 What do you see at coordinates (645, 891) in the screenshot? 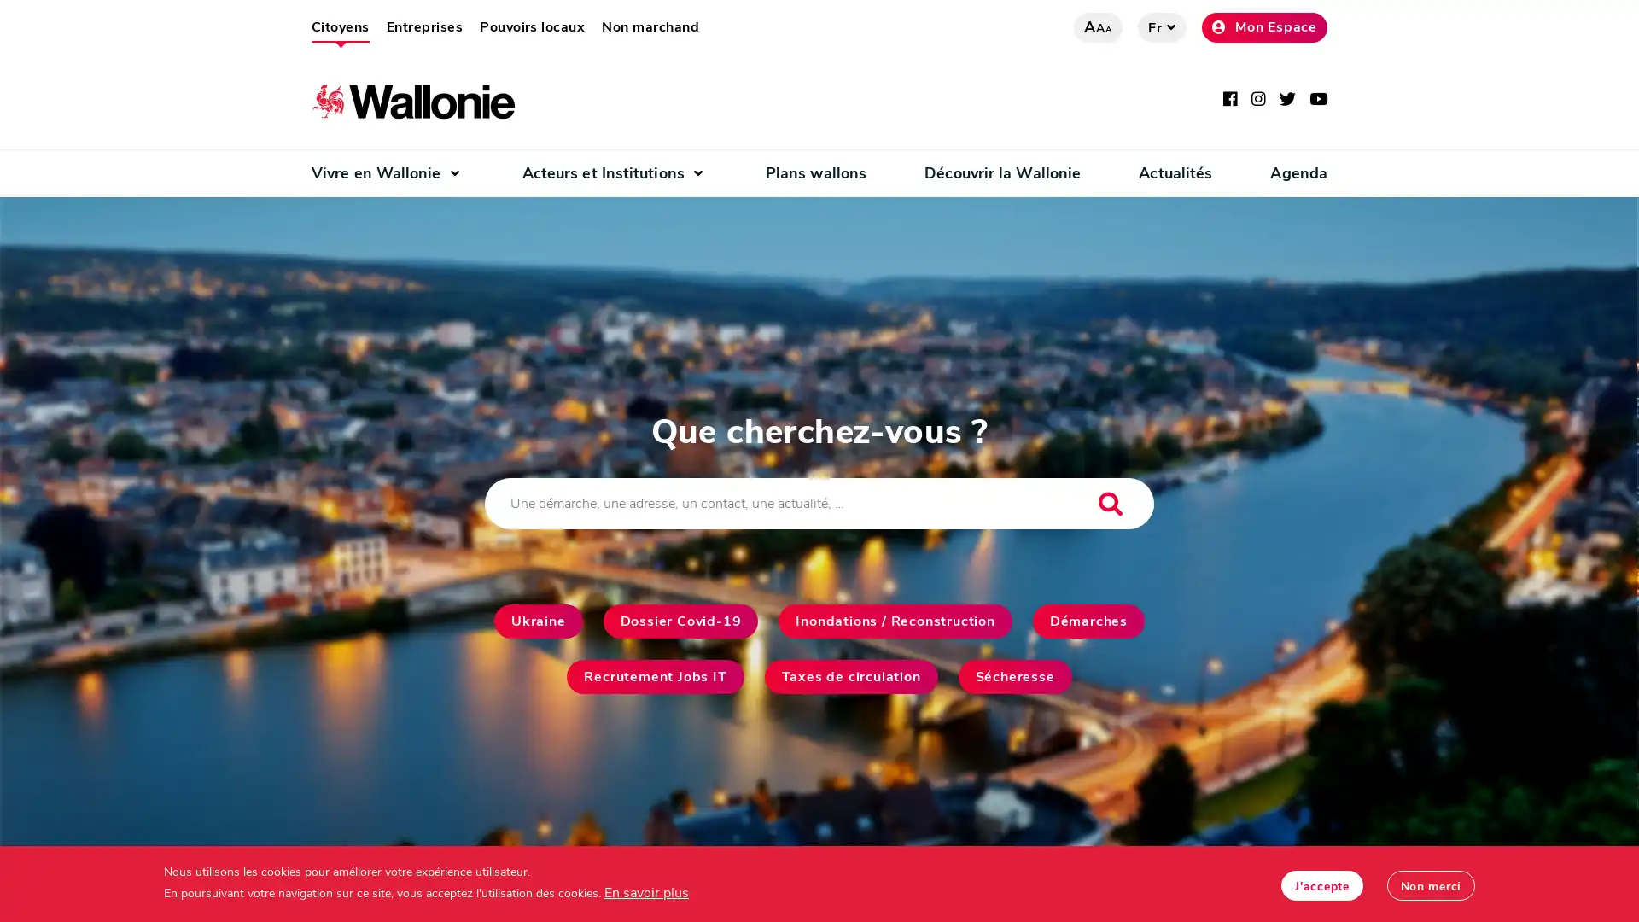
I see `En savoir plus` at bounding box center [645, 891].